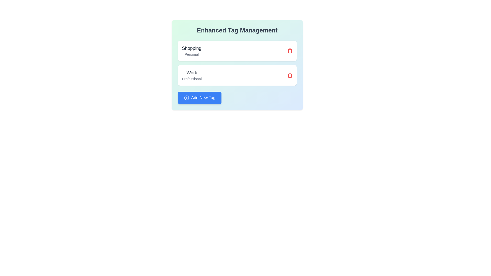  Describe the element at coordinates (191, 73) in the screenshot. I see `the static text label displaying the word 'Work', which is in bold, medium-sized font located in the second row of a vertical list, above the 'Professional' text` at that location.